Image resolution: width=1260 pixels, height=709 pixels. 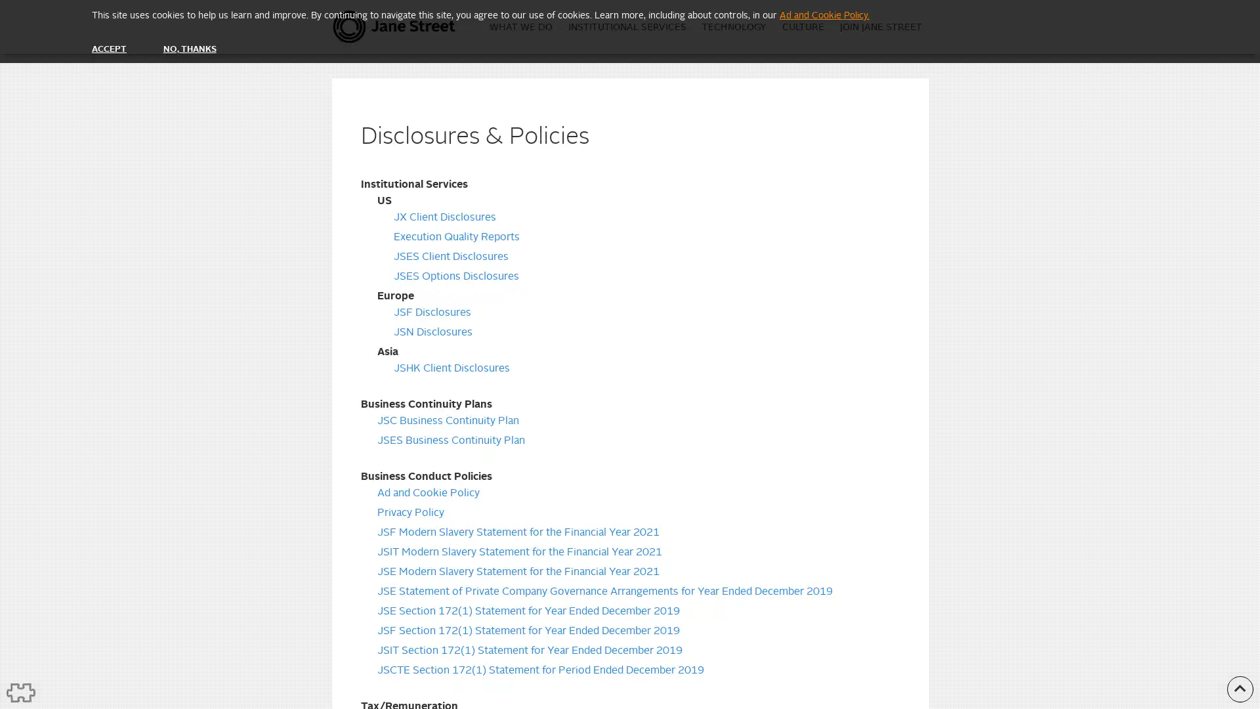 What do you see at coordinates (109, 49) in the screenshot?
I see `dismiss cookie message` at bounding box center [109, 49].